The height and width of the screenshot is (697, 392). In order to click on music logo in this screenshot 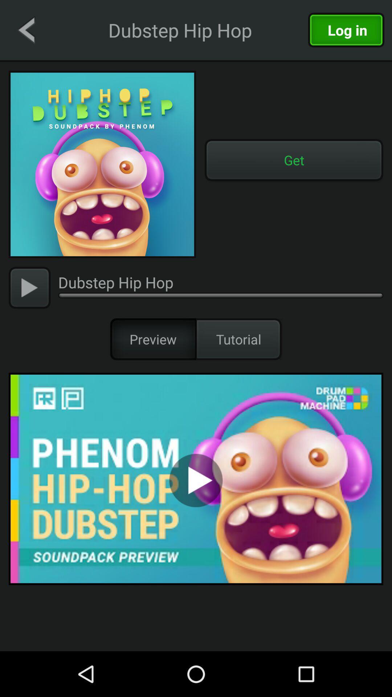, I will do `click(102, 164)`.